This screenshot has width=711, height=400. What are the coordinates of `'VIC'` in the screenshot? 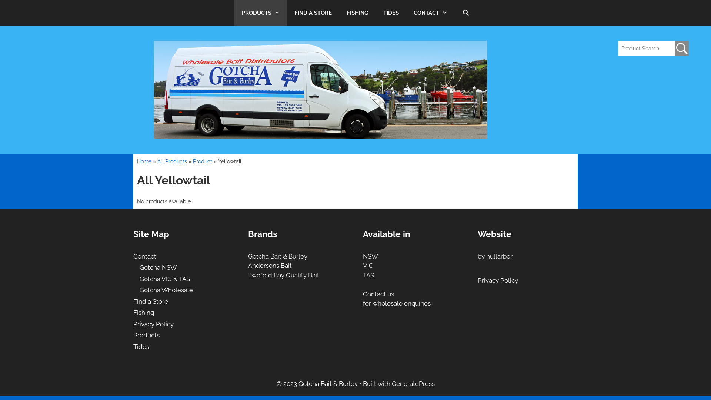 It's located at (368, 265).